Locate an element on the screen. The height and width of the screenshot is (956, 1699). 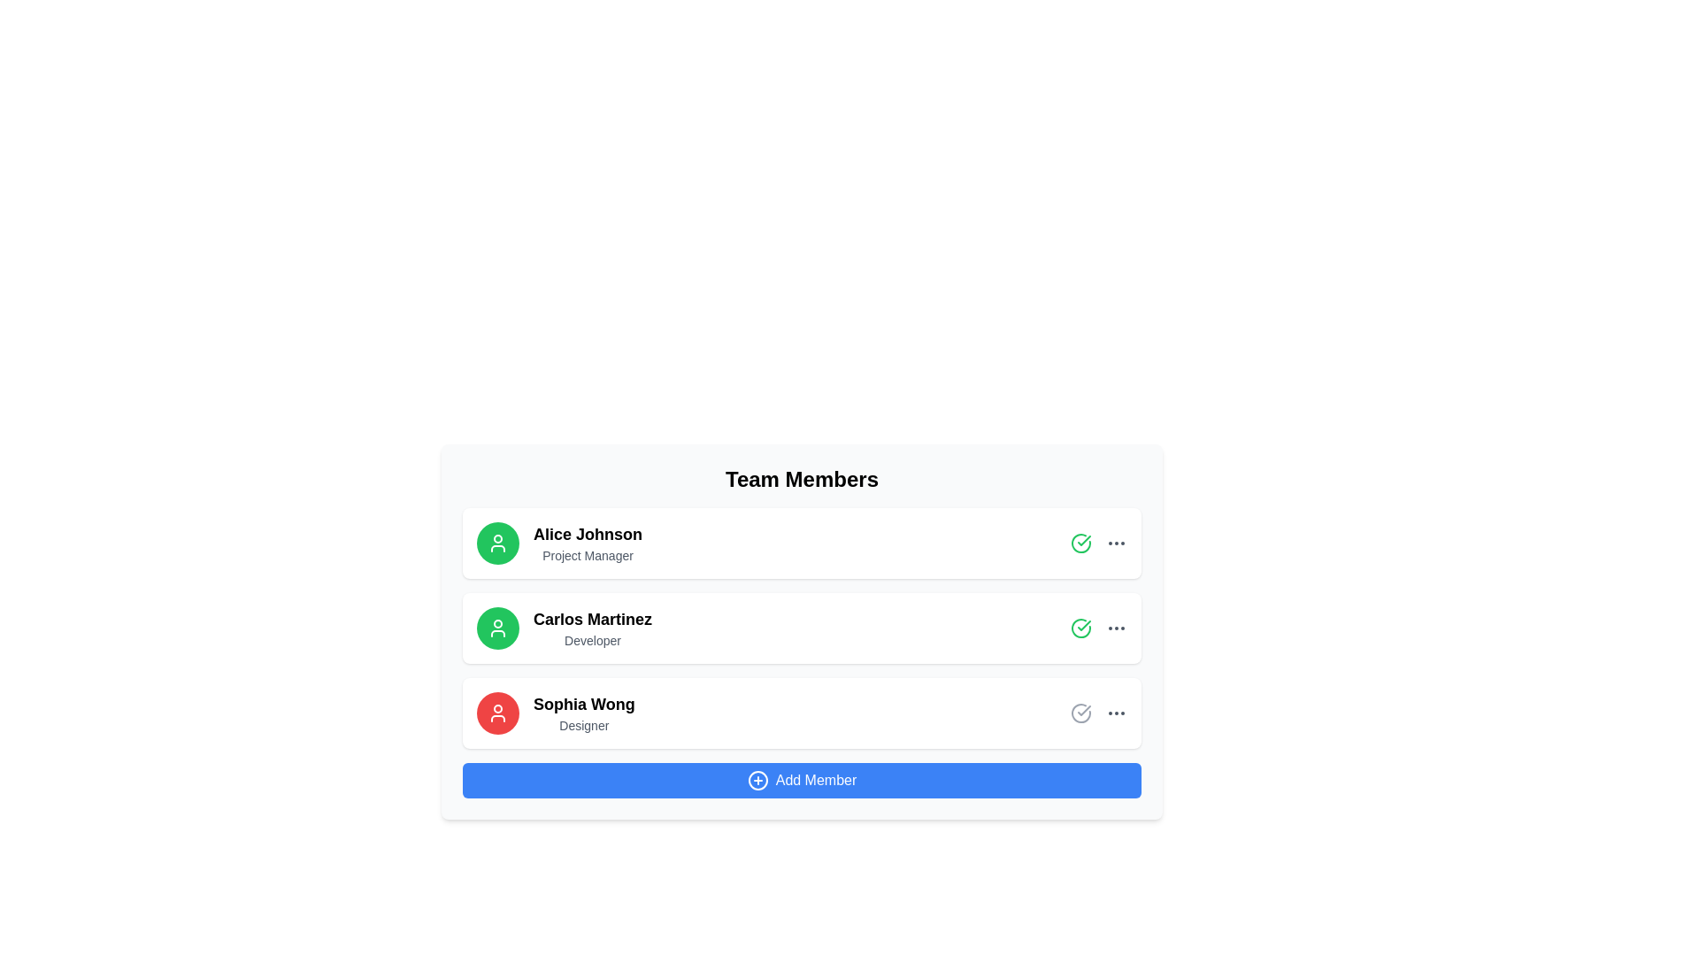
text displayed in the card-like structure containing 'Carlos Martinez' and 'Developer', located in the second row of the member list is located at coordinates (593, 627).